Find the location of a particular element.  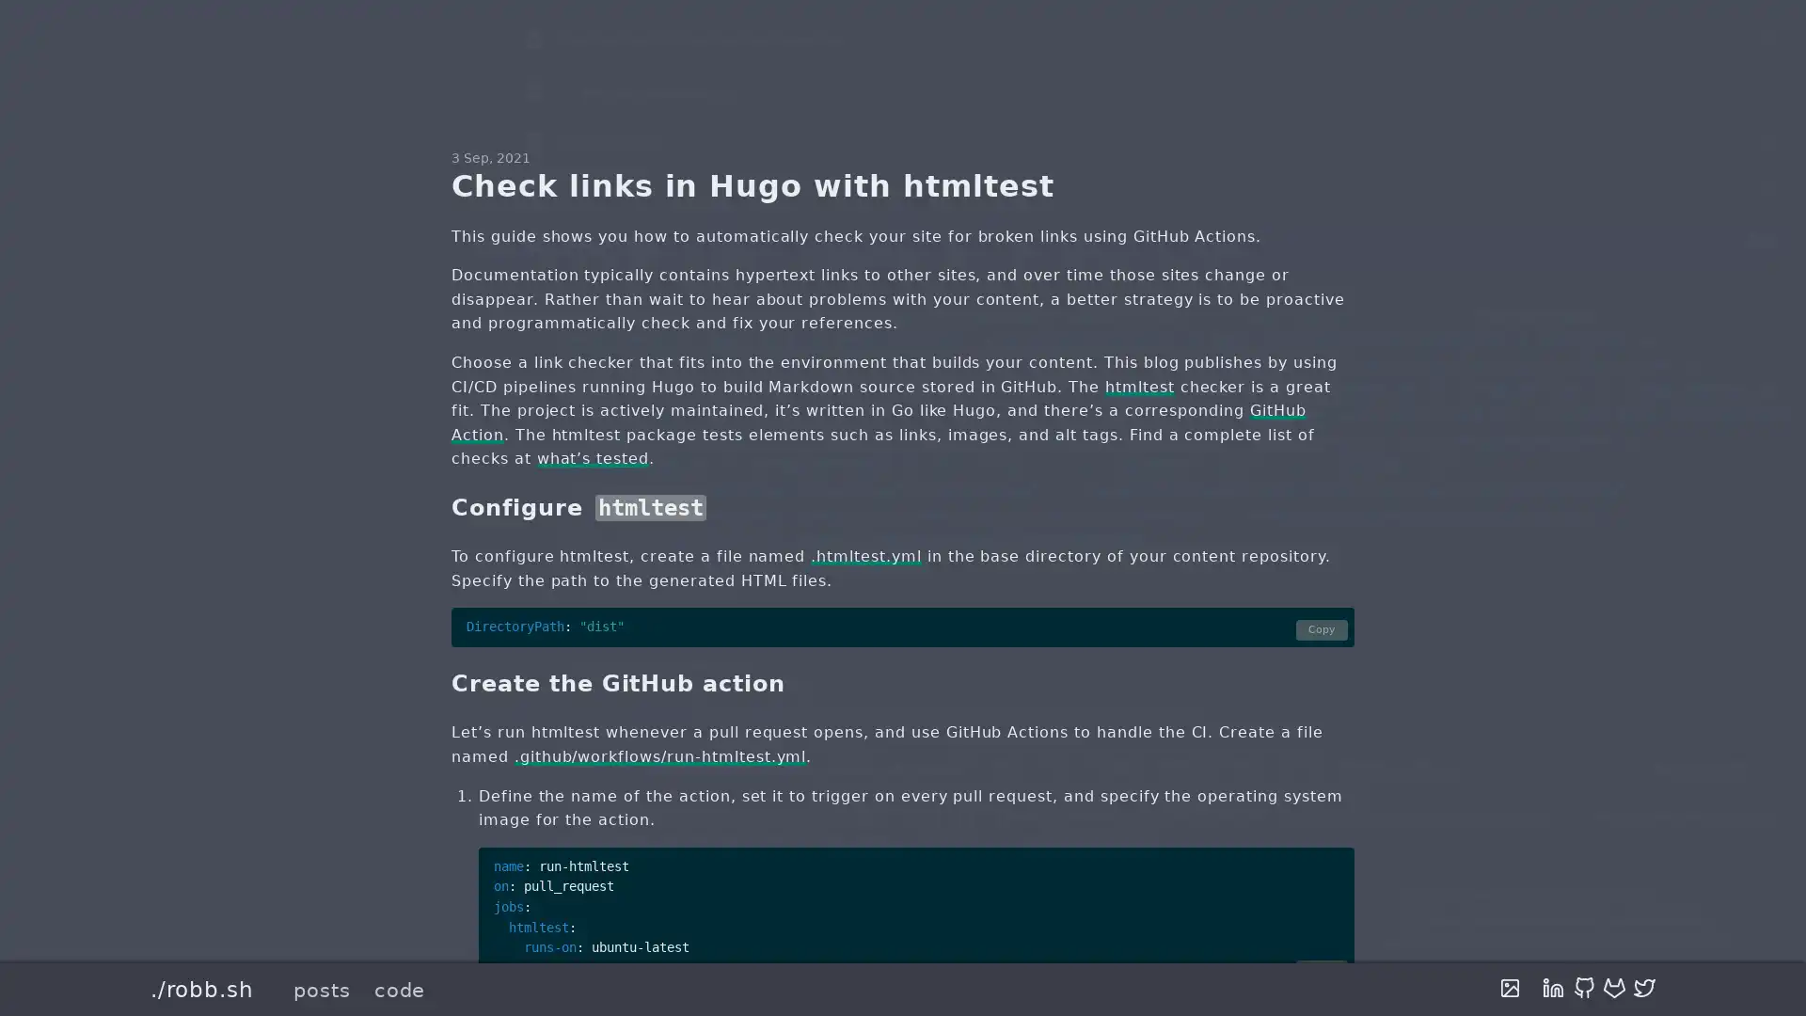

Copy is located at coordinates (1321, 629).